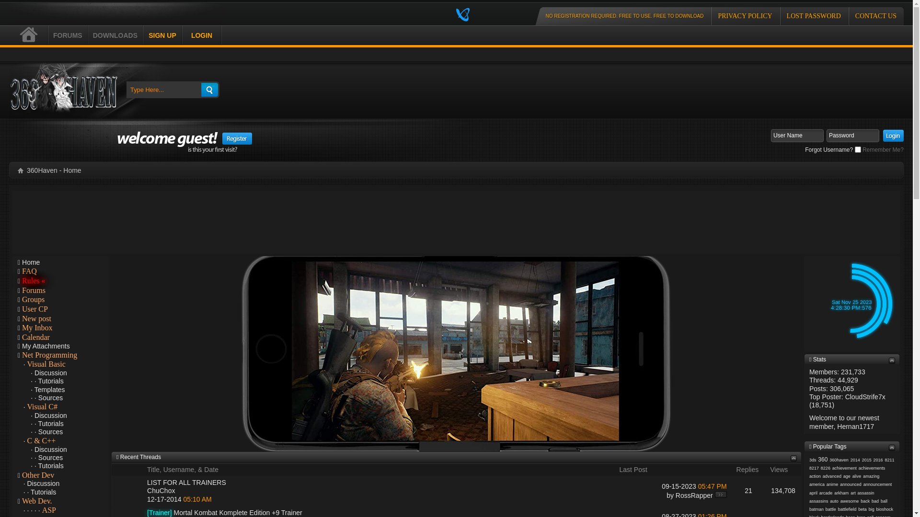  Describe the element at coordinates (850, 500) in the screenshot. I see `'awesome'` at that location.